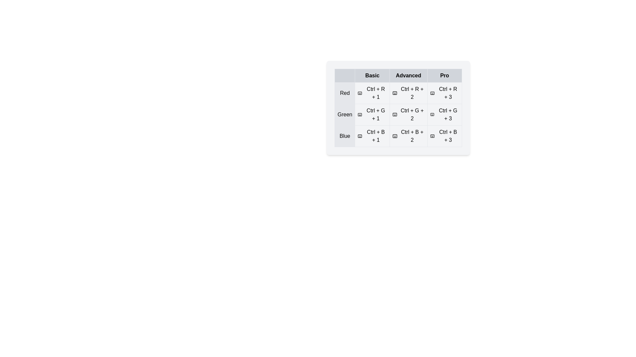 Image resolution: width=636 pixels, height=357 pixels. Describe the element at coordinates (372, 136) in the screenshot. I see `the label indicating the keyboard shortcut located in the third row and first column of the grid` at that location.